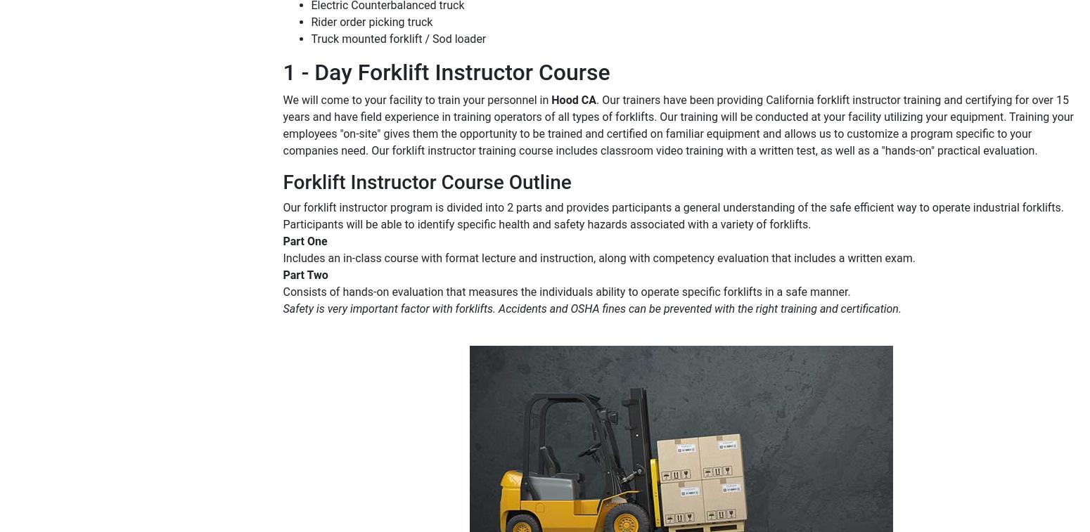 This screenshot has width=1090, height=532. I want to click on '. Our trainers have been providing California forklift instructor training and certifying for over 15 years and have field experience in training operators of all types of forklifts. Our training will be conducted at your facility utilizing your equipment. Training your employees "on-site" gives them the opportunity to be trained and certified on familiar equipment and allows us to customize a program specific to your companies need. Our forklift instructor training course includes classroom video training with a written test, as well as a "hands-on" practical evaluation.', so click(677, 124).